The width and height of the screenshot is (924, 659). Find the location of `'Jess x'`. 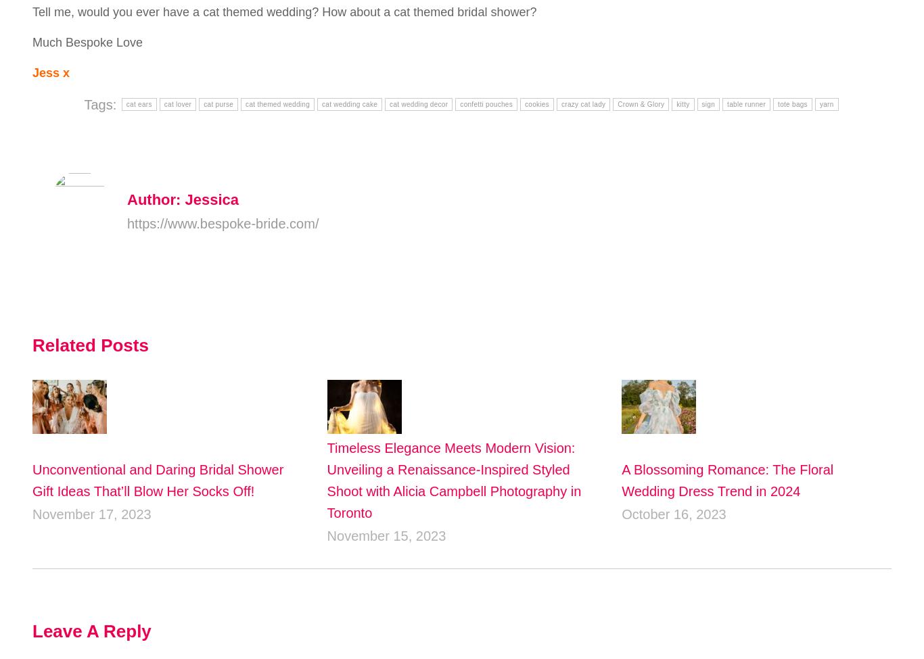

'Jess x' is located at coordinates (51, 71).